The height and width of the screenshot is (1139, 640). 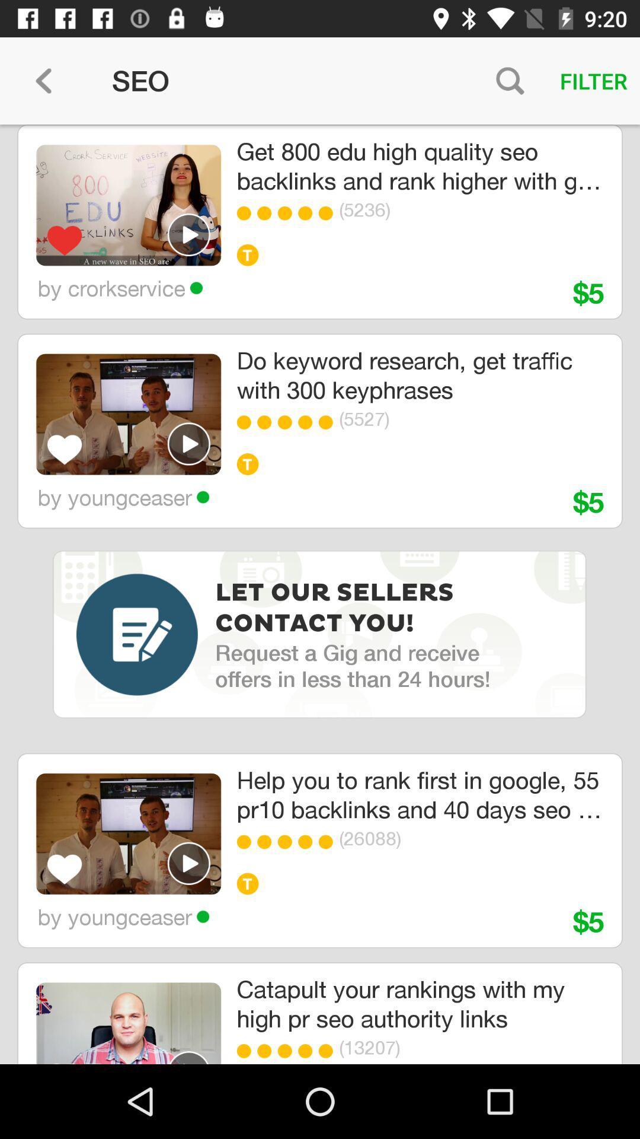 What do you see at coordinates (329, 841) in the screenshot?
I see `the icon below help you to` at bounding box center [329, 841].